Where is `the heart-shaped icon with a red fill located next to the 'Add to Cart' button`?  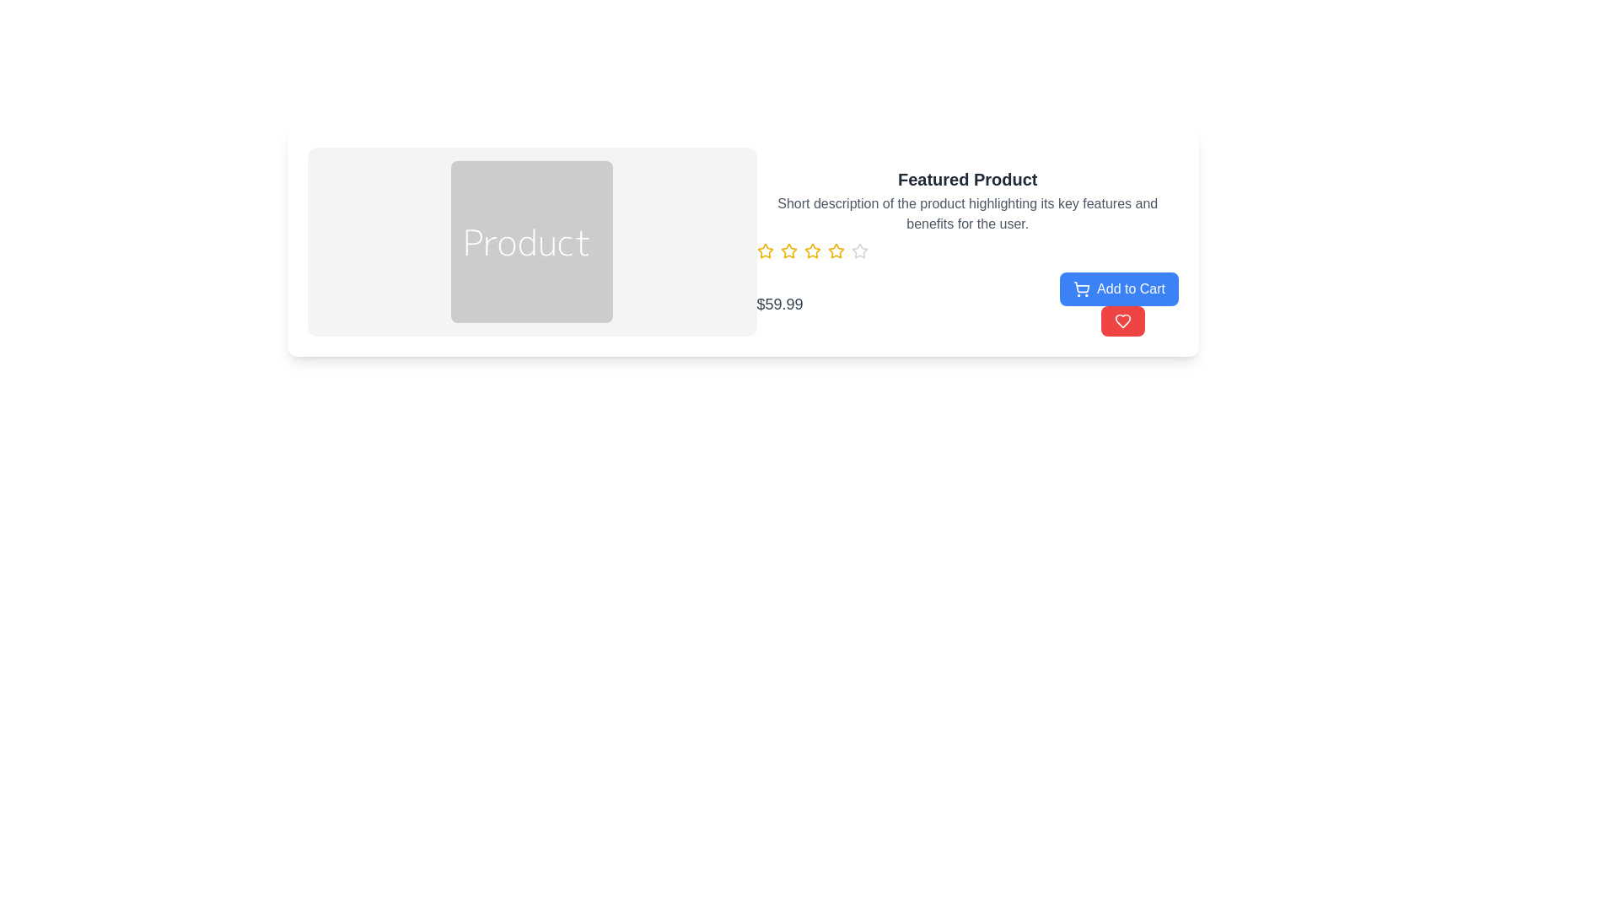 the heart-shaped icon with a red fill located next to the 'Add to Cart' button is located at coordinates (1122, 321).